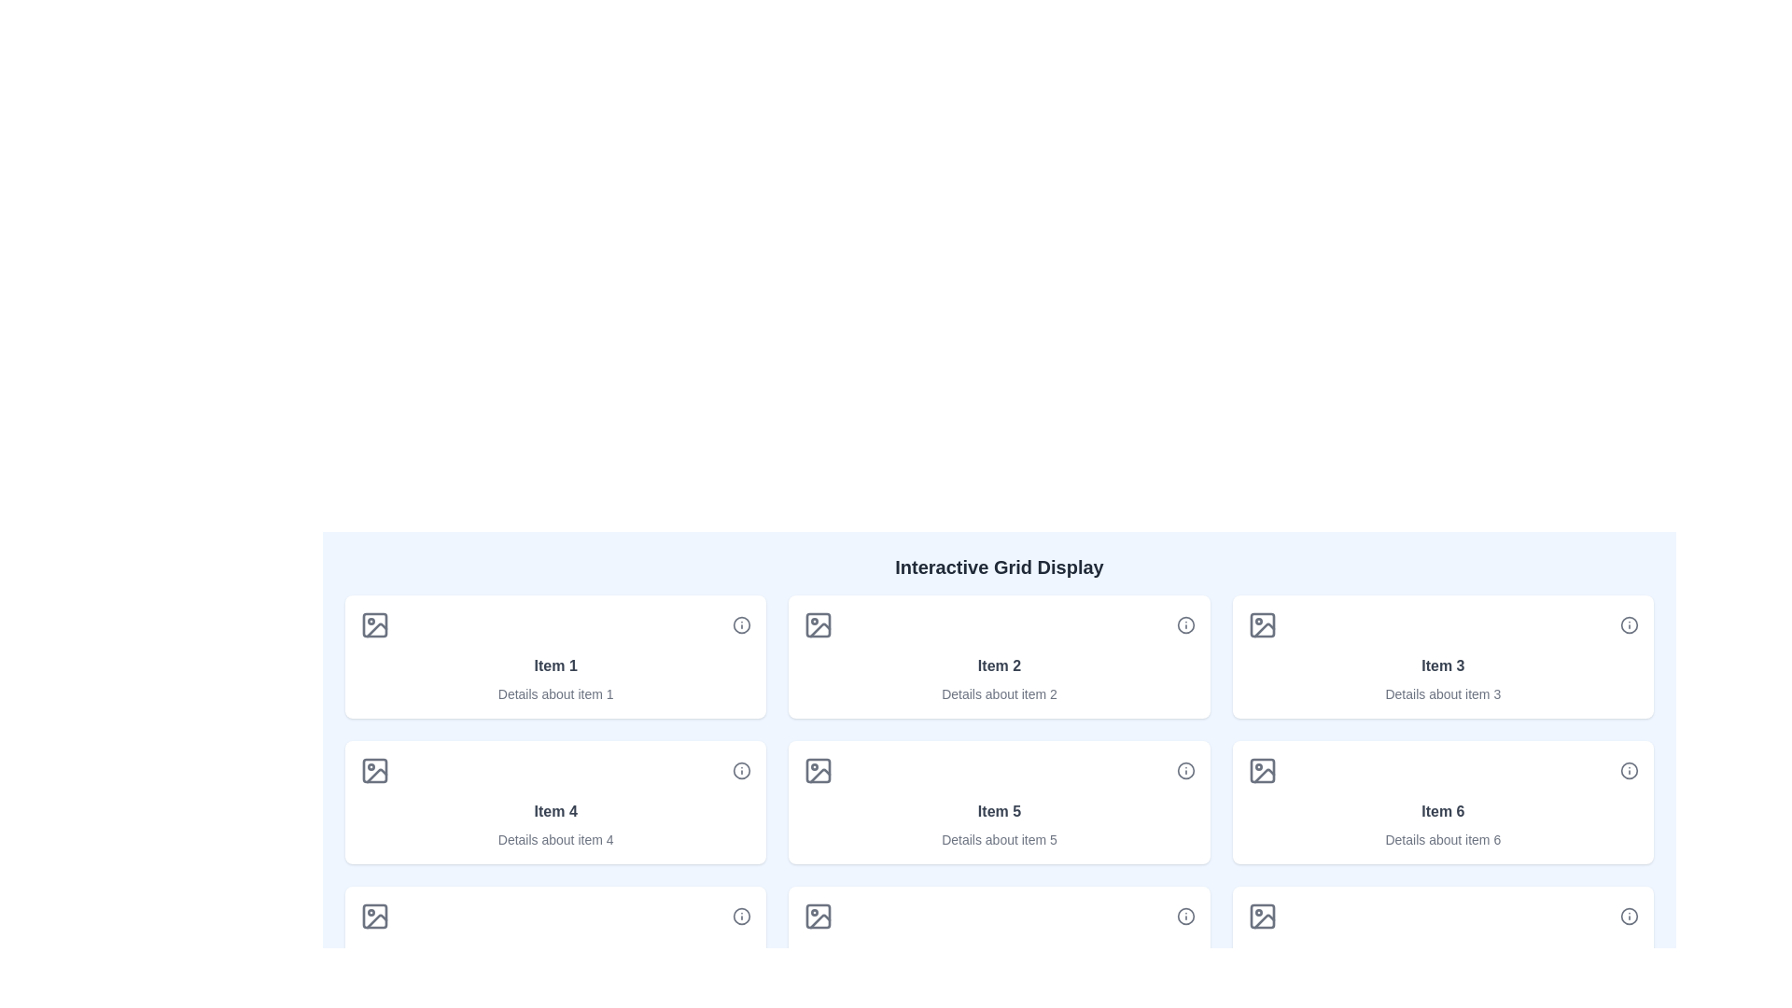 This screenshot has height=1008, width=1792. Describe the element at coordinates (998, 567) in the screenshot. I see `the Text Label that acts as the heading or title of the interface section, summarizing the content or purpose of the following grid layout` at that location.